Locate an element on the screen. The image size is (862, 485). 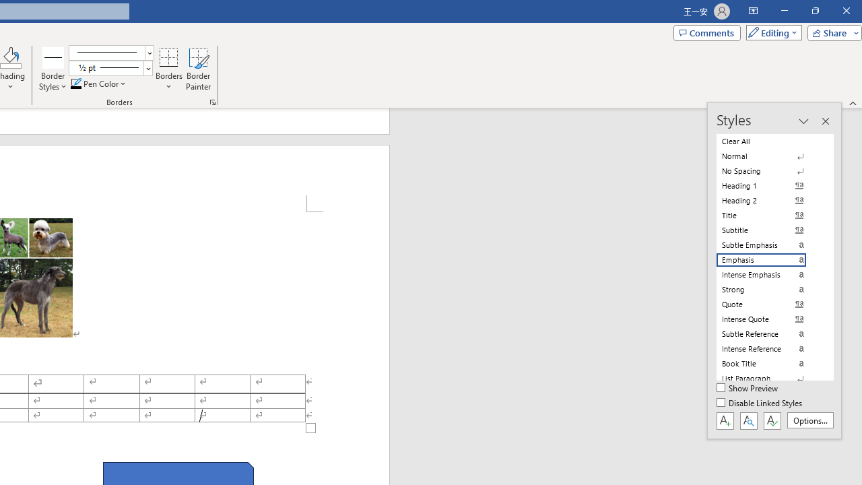
'Quote' is located at coordinates (769, 304).